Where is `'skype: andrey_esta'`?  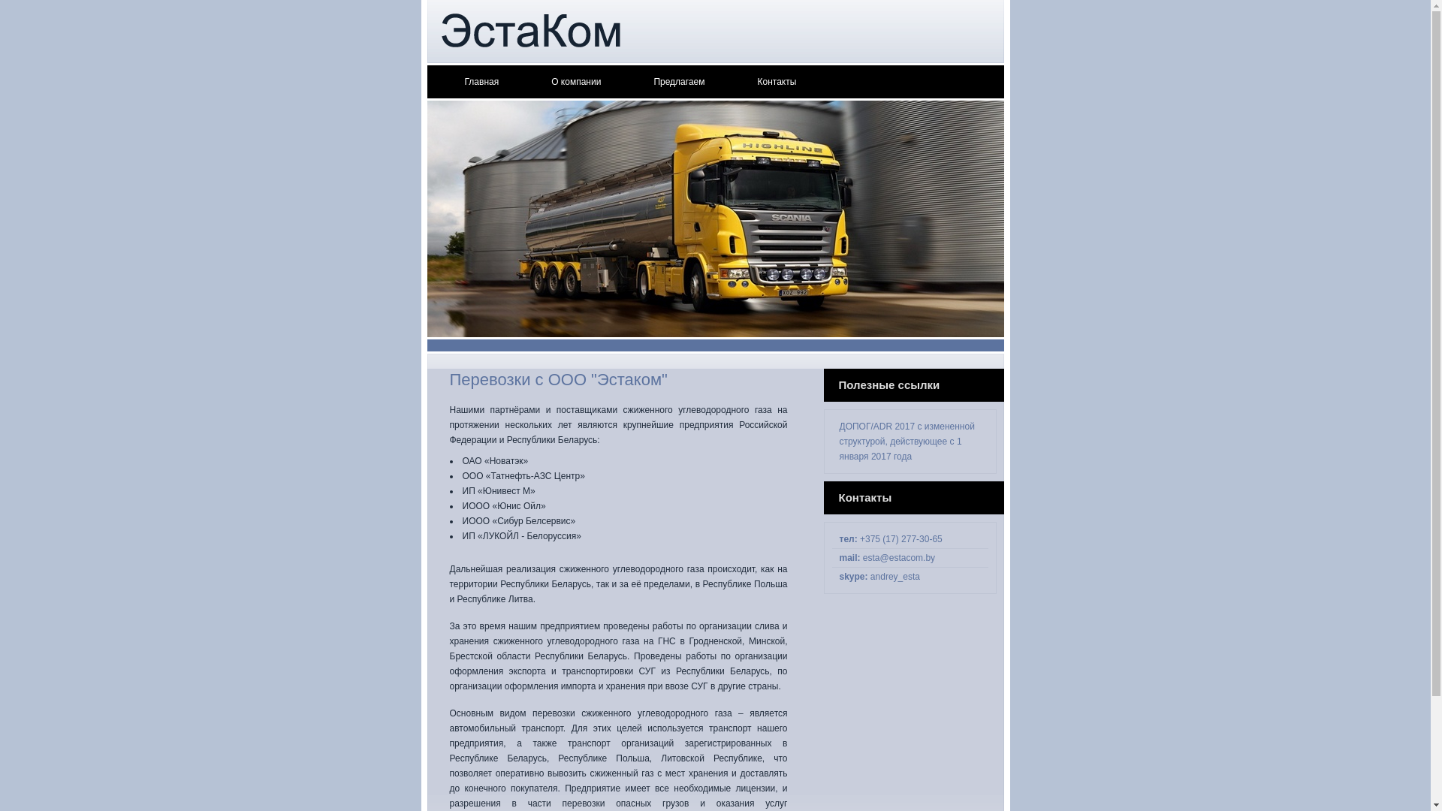
'skype: andrey_esta' is located at coordinates (879, 575).